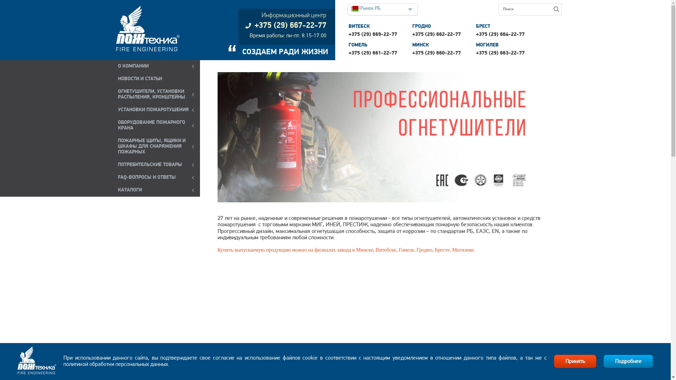 This screenshot has height=380, width=676. What do you see at coordinates (286, 25) in the screenshot?
I see `'+375 (29) 667-22-77'` at bounding box center [286, 25].